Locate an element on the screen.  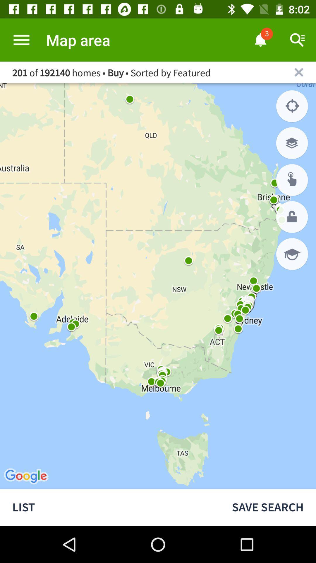
the save search is located at coordinates (268, 507).